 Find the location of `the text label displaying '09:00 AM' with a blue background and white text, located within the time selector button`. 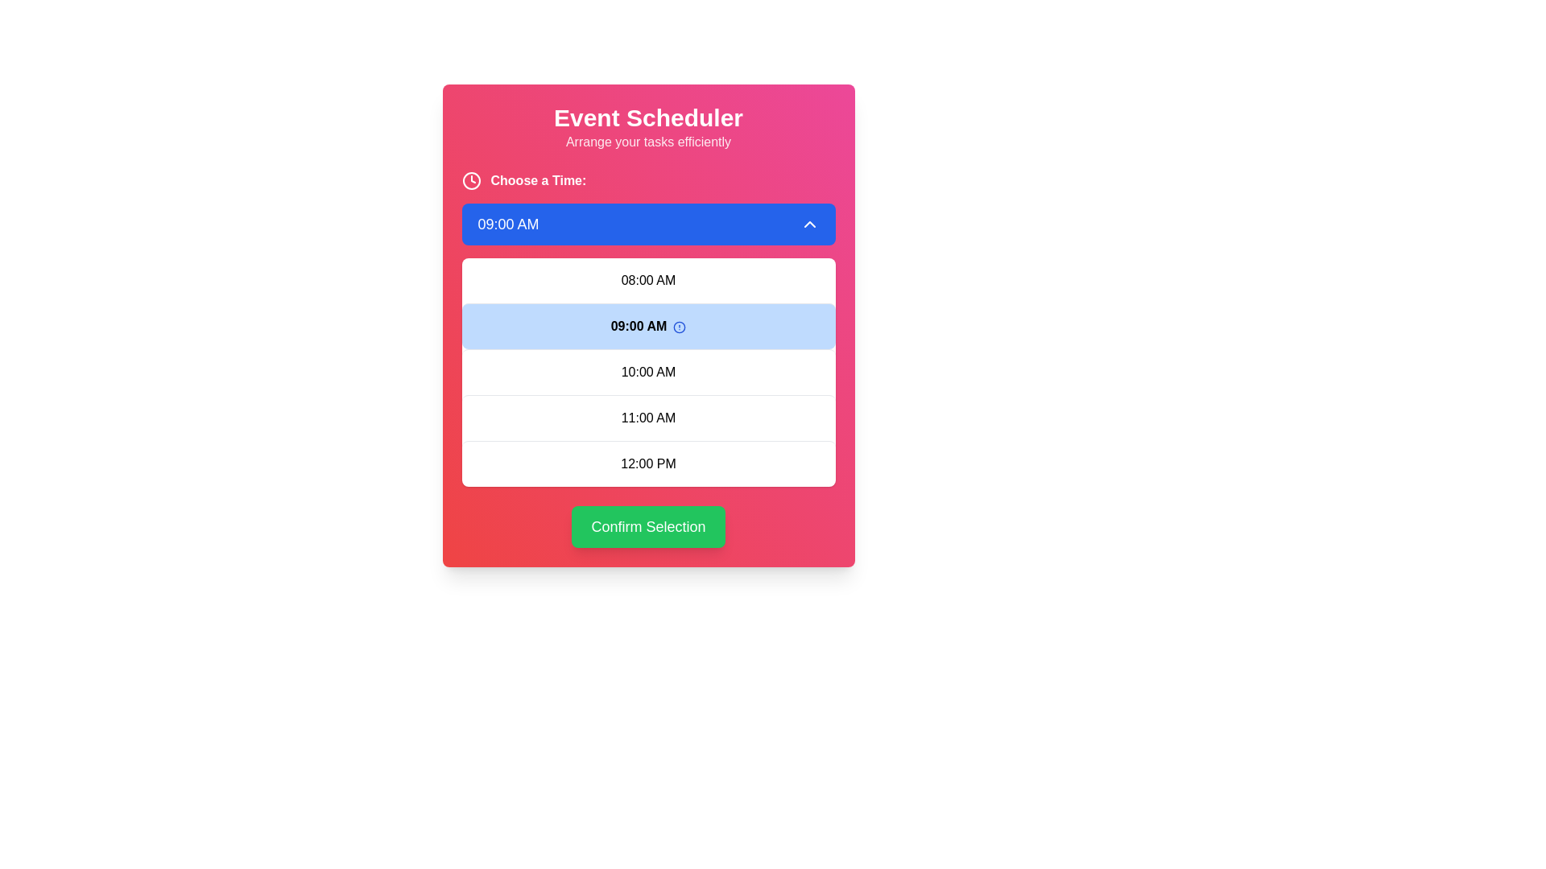

the text label displaying '09:00 AM' with a blue background and white text, located within the time selector button is located at coordinates (507, 224).